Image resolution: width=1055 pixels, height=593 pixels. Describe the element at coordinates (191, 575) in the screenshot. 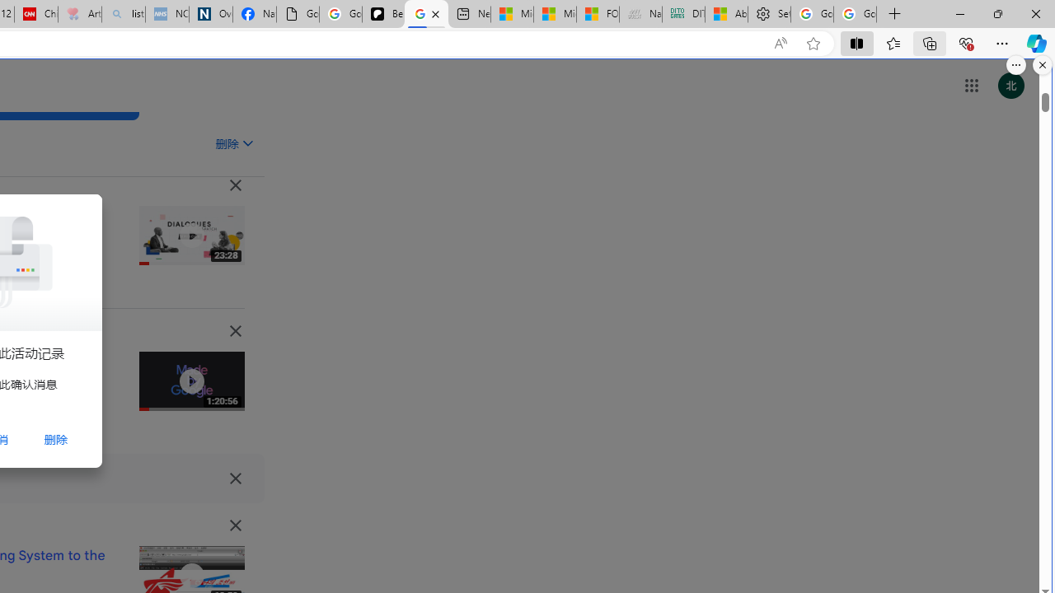

I see `'Class: IVR0f NMm5M'` at that location.